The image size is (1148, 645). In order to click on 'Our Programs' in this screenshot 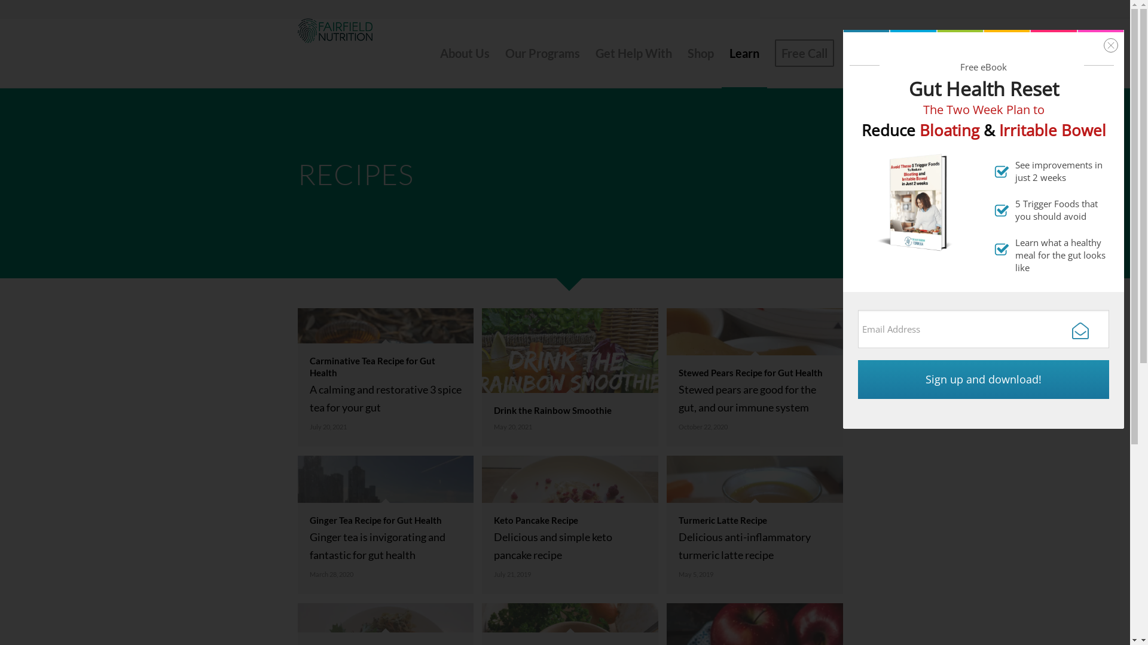, I will do `click(542, 52)`.